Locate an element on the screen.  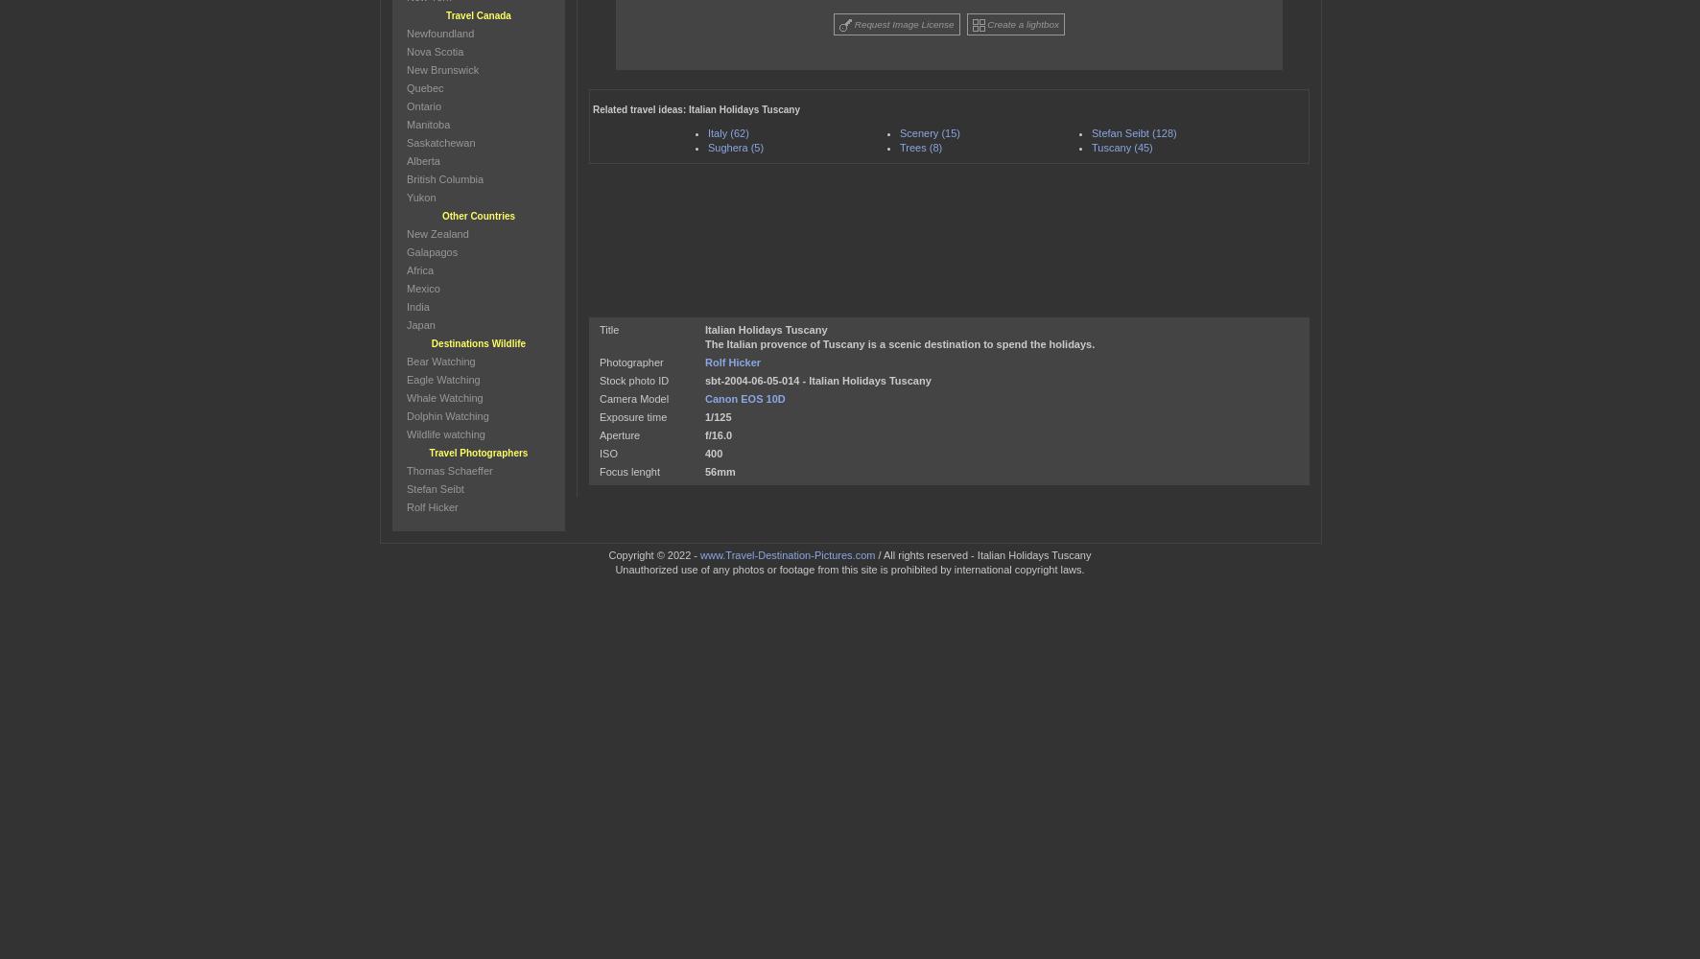
'Create a lightbox' is located at coordinates (983, 23).